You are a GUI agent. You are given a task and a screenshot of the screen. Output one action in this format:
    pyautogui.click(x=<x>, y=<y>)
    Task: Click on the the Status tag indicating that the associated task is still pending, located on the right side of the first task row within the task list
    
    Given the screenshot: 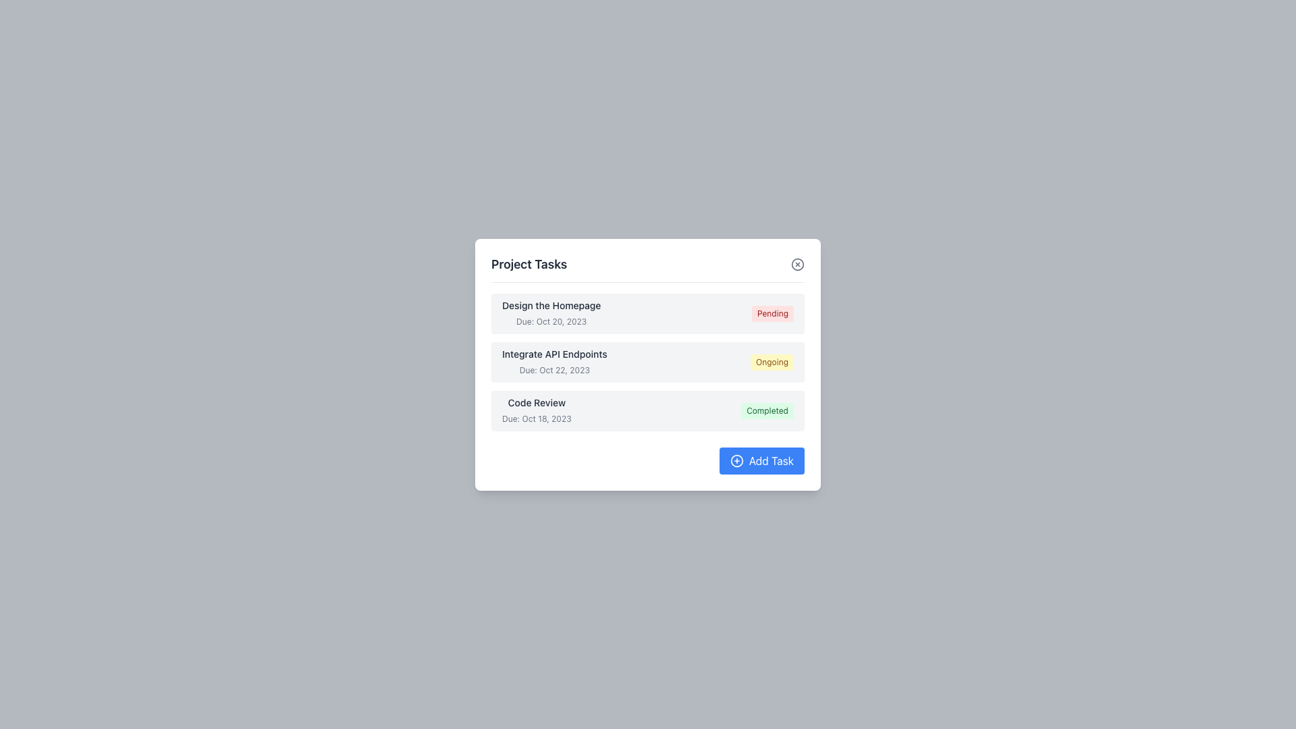 What is the action you would take?
    pyautogui.click(x=773, y=313)
    